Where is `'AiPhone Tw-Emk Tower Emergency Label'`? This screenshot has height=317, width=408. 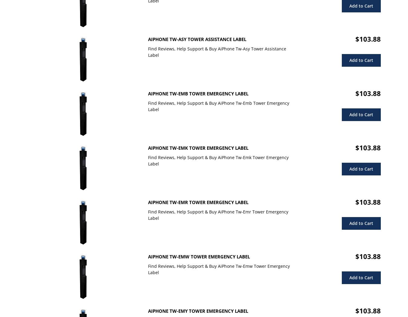 'AiPhone Tw-Emk Tower Emergency Label' is located at coordinates (198, 148).